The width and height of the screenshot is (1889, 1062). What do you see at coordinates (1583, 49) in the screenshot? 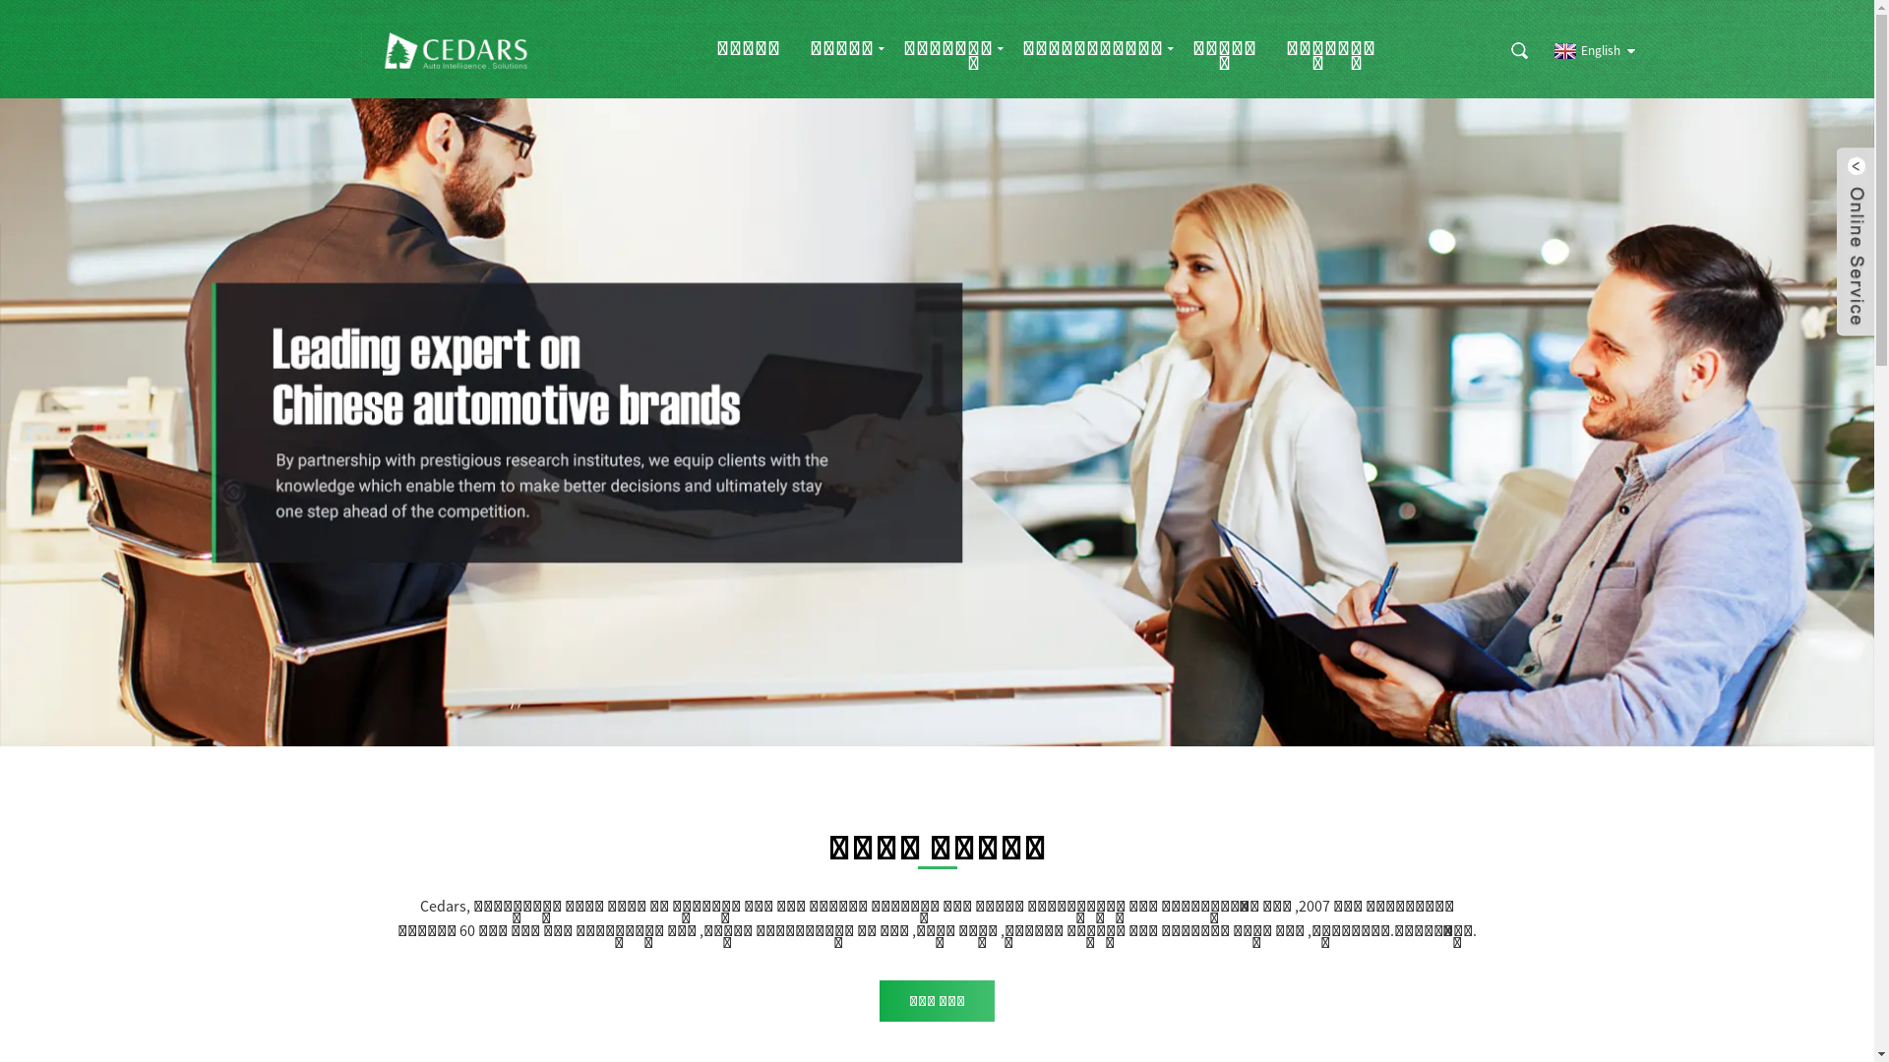
I see `'English'` at bounding box center [1583, 49].